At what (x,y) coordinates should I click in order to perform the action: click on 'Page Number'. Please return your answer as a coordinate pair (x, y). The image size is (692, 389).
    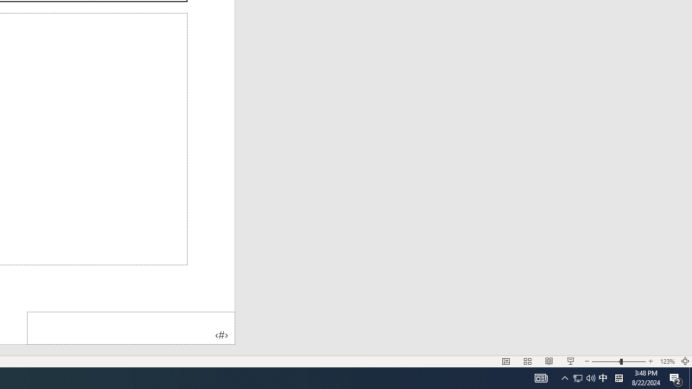
    Looking at the image, I should click on (130, 327).